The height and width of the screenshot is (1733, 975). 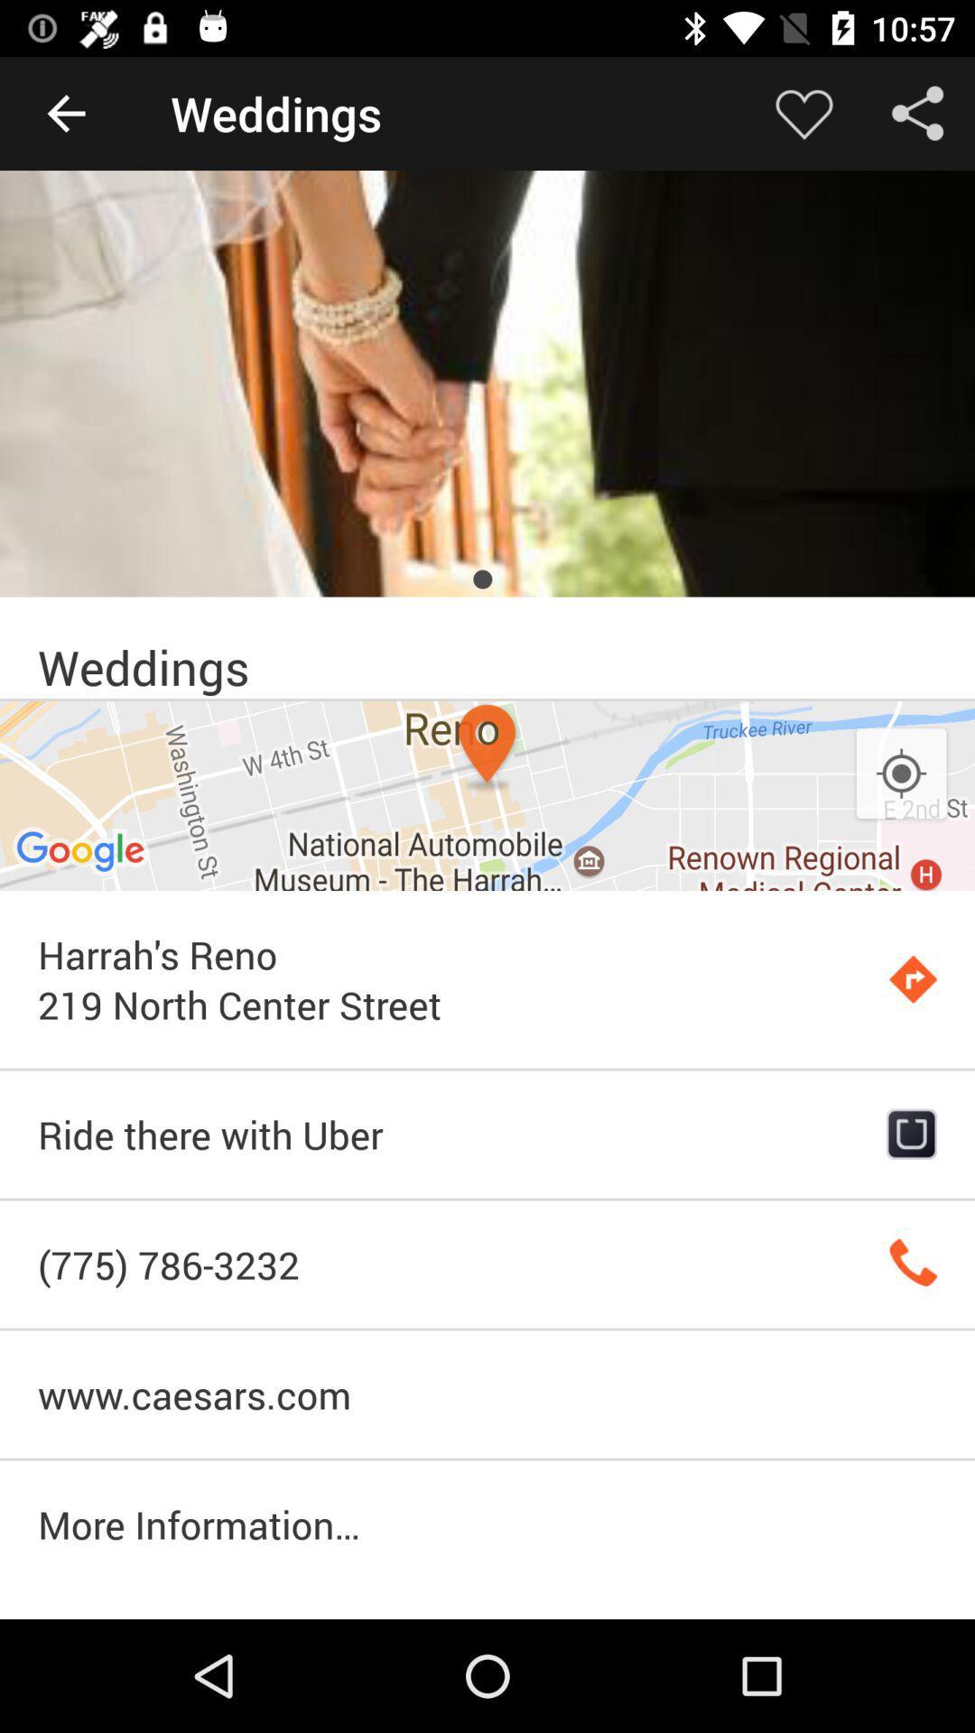 I want to click on item above the weddings, so click(x=487, y=383).